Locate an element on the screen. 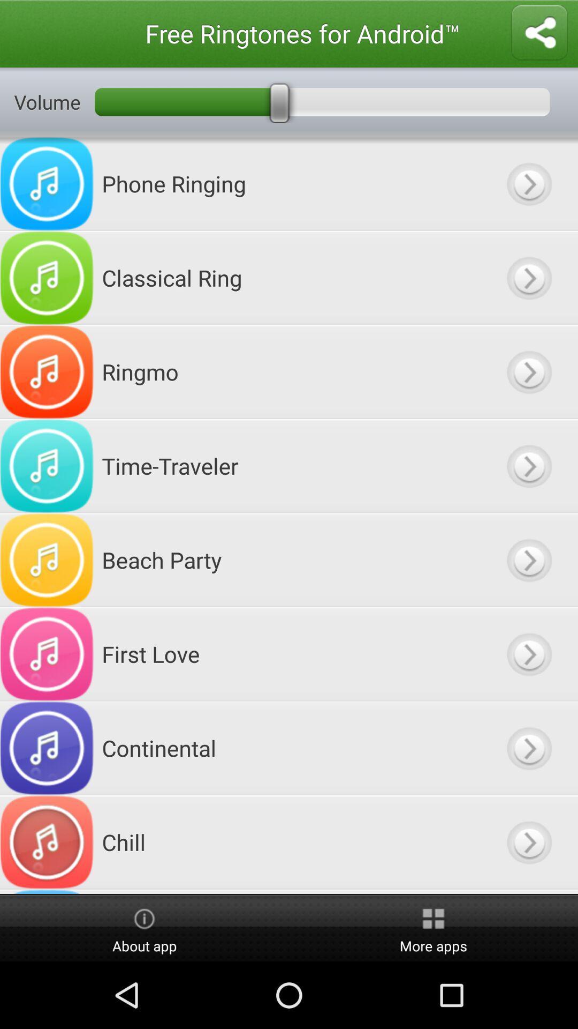 This screenshot has width=578, height=1029. ringtone is located at coordinates (528, 748).